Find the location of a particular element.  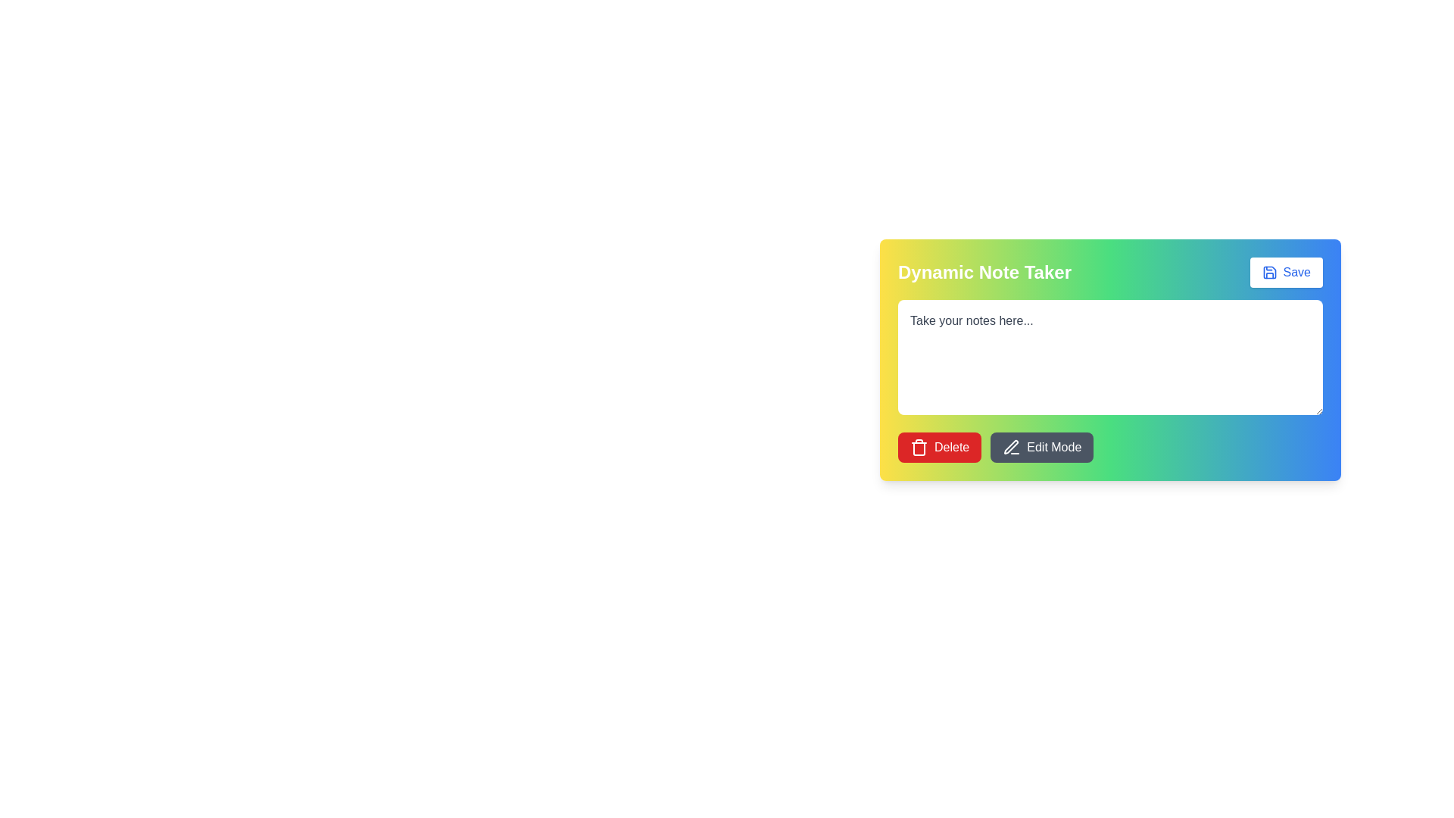

the pen icon within the 'Edit Mode' button, which is the leftmost item and indicates the editing mode functionality is located at coordinates (1012, 446).